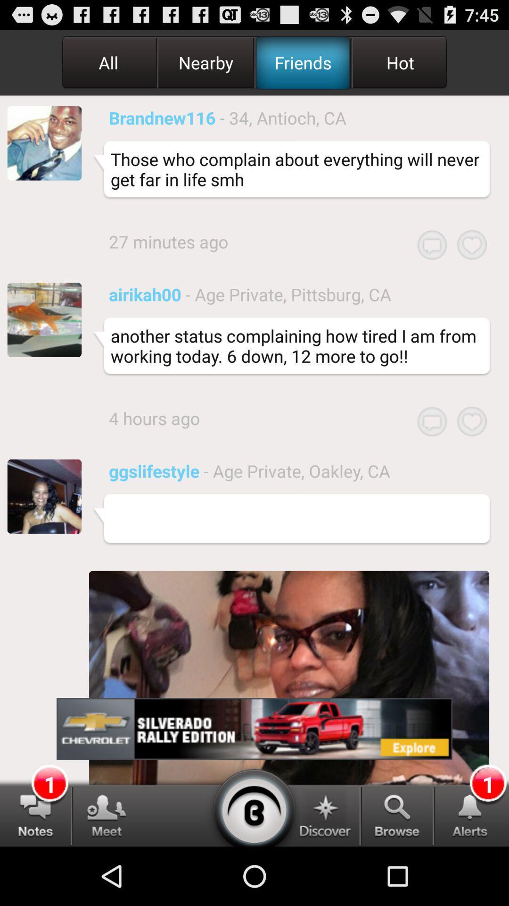 The width and height of the screenshot is (509, 906). What do you see at coordinates (34, 872) in the screenshot?
I see `the chat icon` at bounding box center [34, 872].